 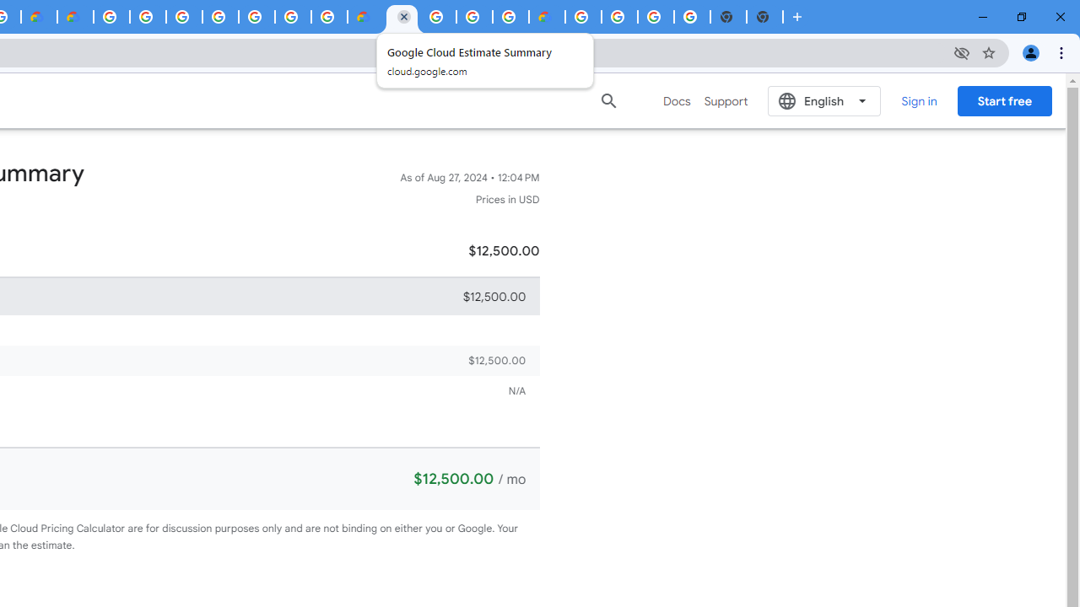 I want to click on 'Google Cloud Platform', so click(x=438, y=17).